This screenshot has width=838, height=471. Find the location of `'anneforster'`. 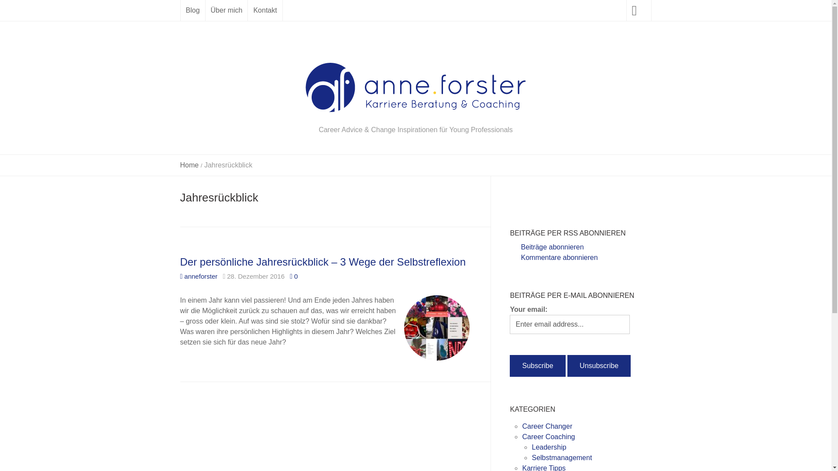

'anneforster' is located at coordinates (198, 276).